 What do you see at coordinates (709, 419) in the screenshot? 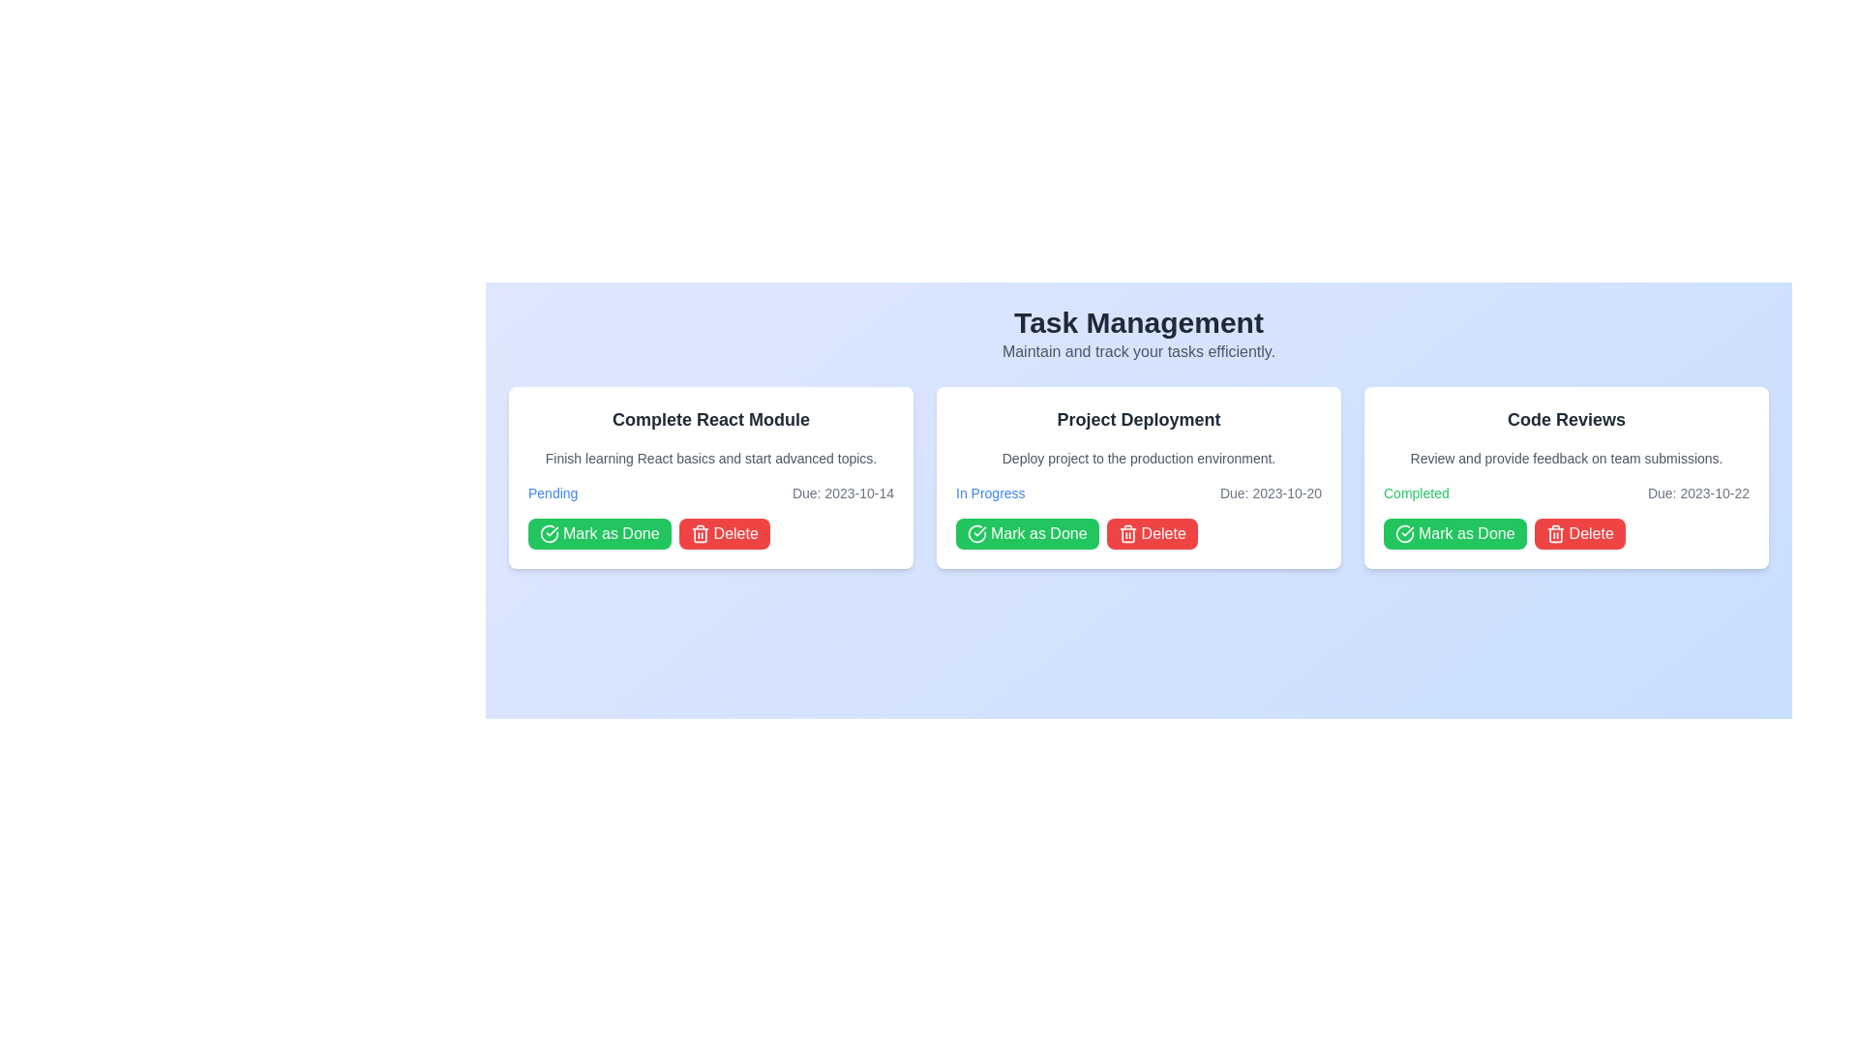
I see `the text label that serves as the title or heading for the first task card, located in the upper section of the card` at bounding box center [709, 419].